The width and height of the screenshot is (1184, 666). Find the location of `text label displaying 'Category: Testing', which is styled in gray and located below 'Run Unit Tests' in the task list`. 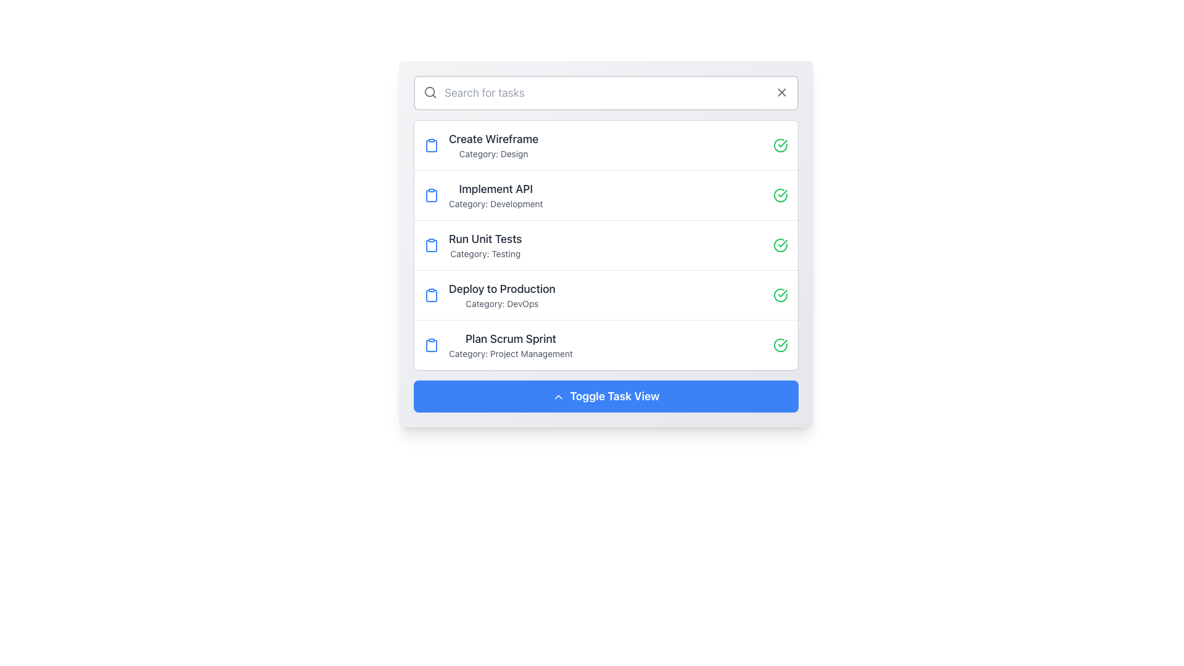

text label displaying 'Category: Testing', which is styled in gray and located below 'Run Unit Tests' in the task list is located at coordinates (485, 253).